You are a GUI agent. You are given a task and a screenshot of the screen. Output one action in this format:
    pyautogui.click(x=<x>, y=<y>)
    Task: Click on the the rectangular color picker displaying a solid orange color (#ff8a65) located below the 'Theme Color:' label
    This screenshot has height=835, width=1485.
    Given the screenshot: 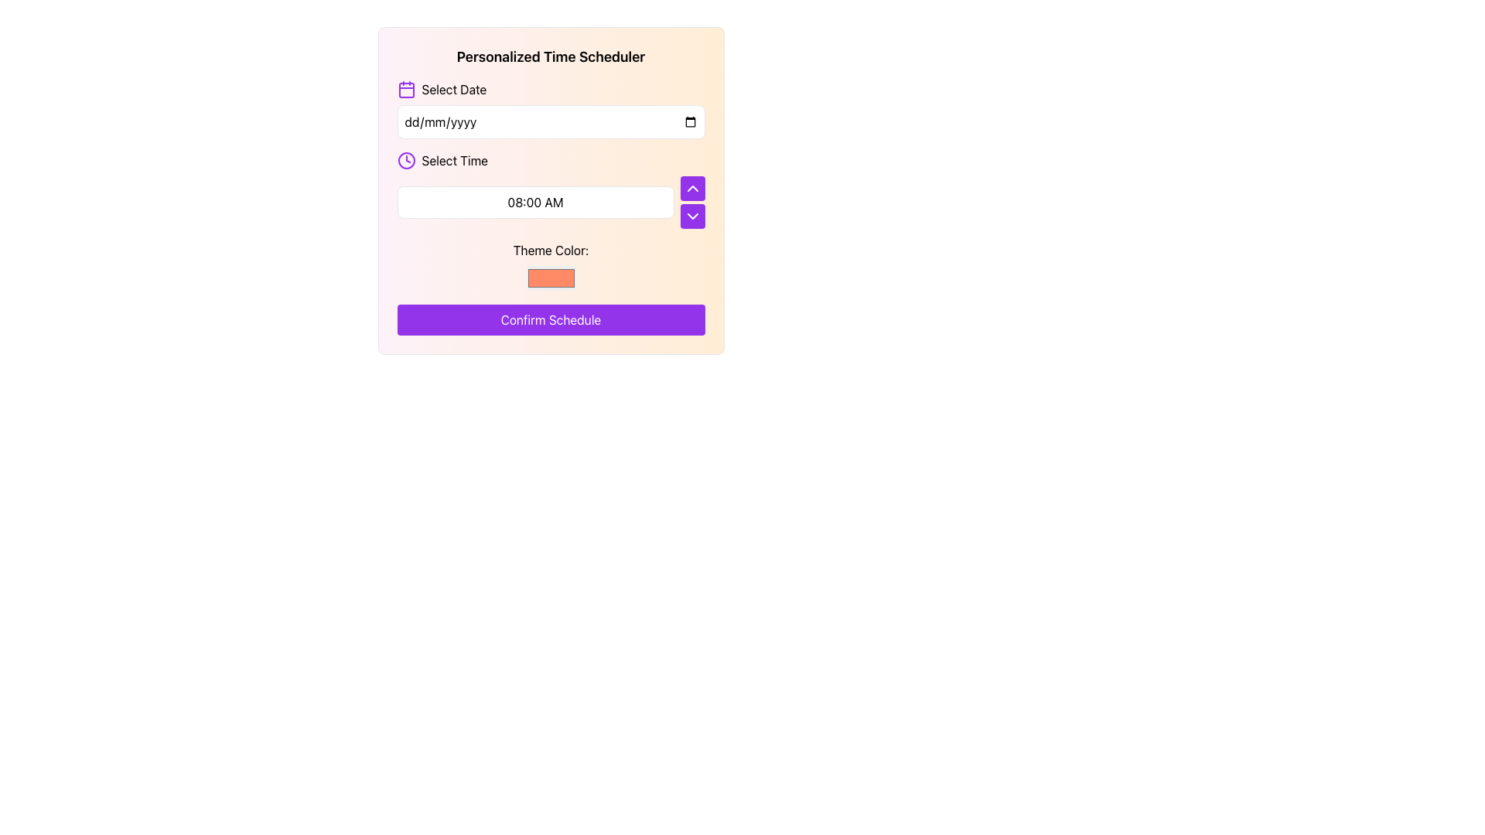 What is the action you would take?
    pyautogui.click(x=551, y=277)
    